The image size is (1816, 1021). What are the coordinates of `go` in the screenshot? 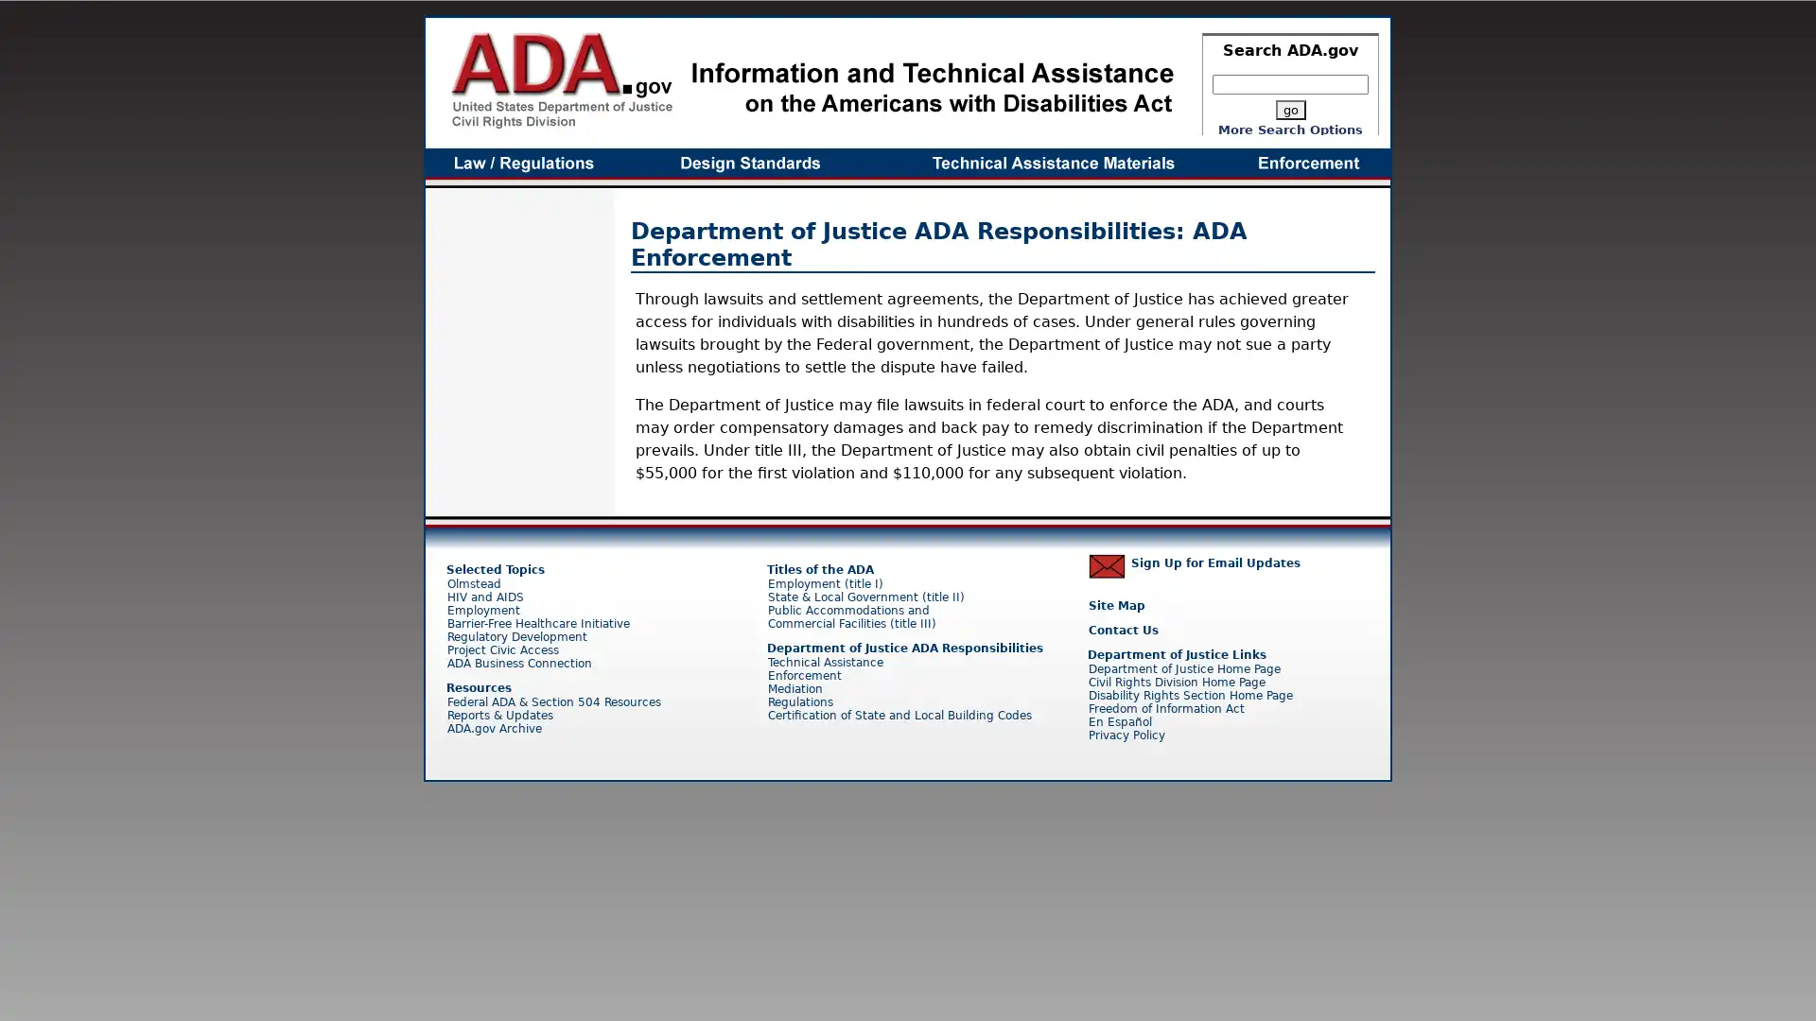 It's located at (1288, 110).